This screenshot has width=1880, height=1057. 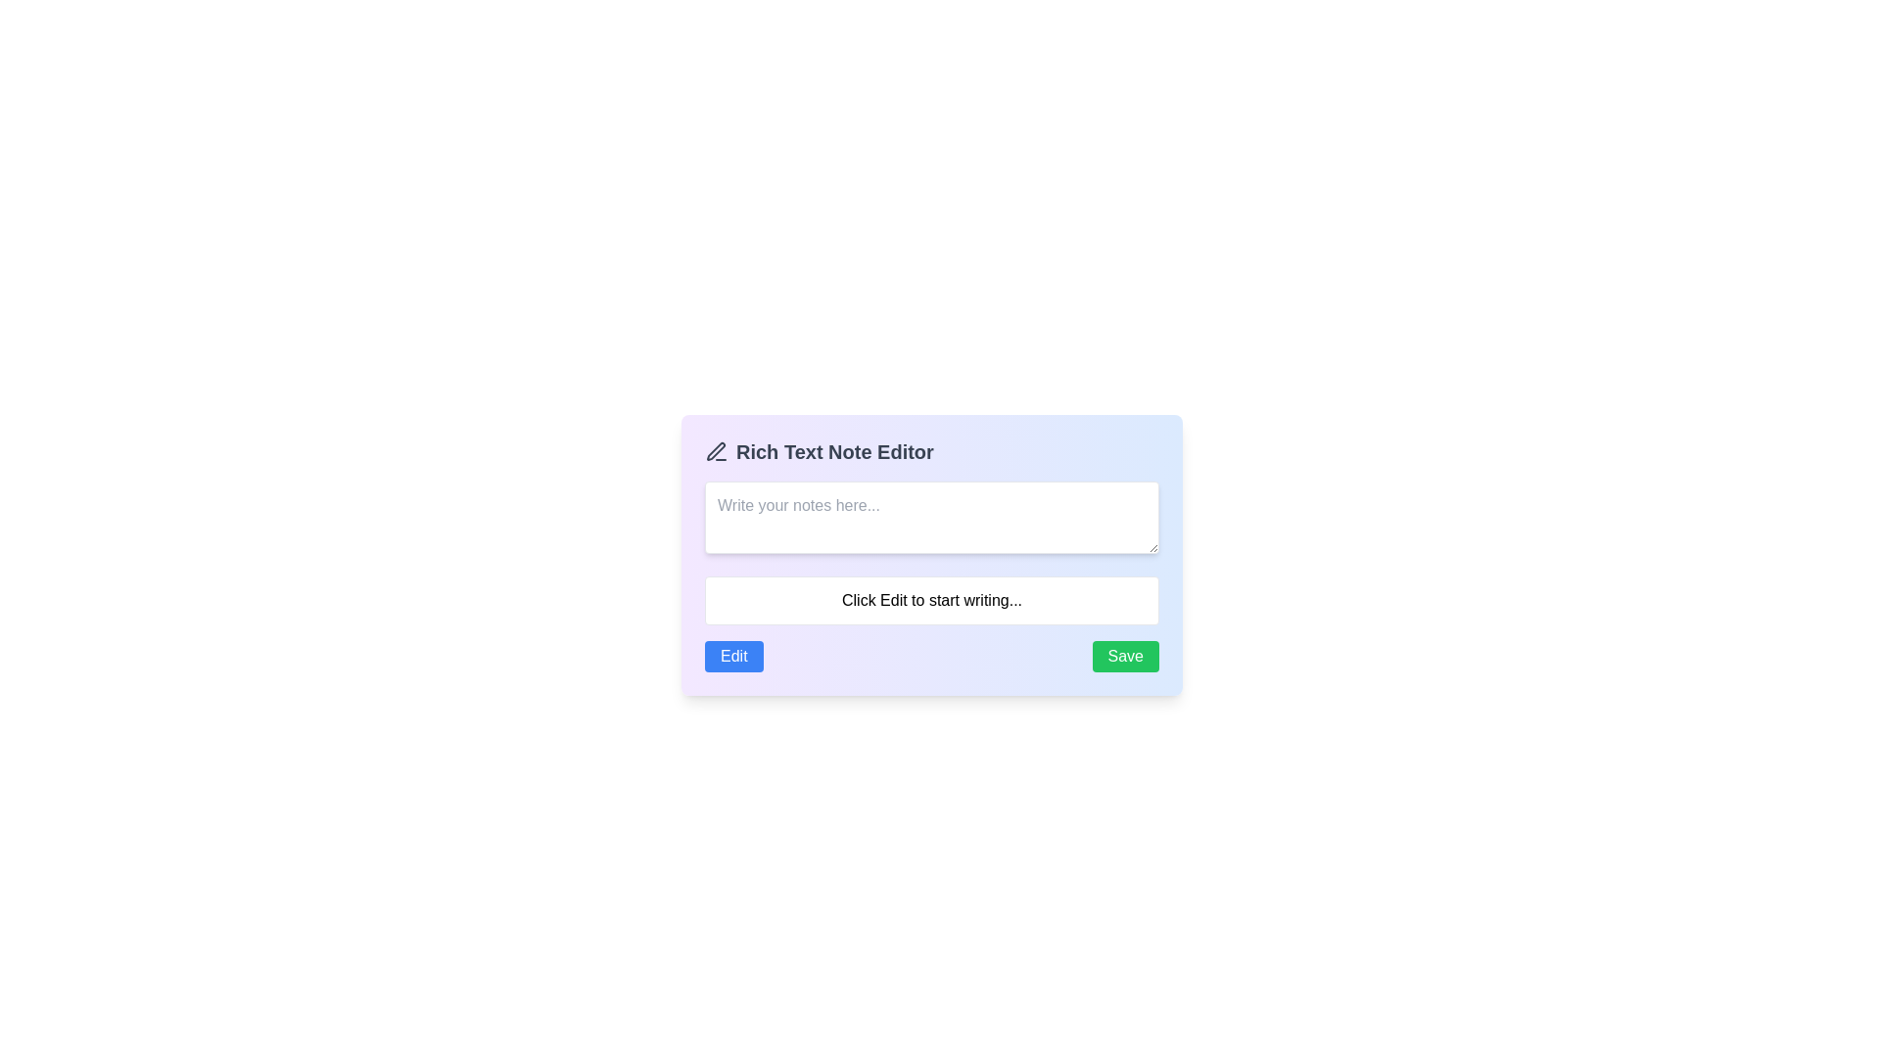 What do you see at coordinates (930, 516) in the screenshot?
I see `the text in the Text Input Field located in the 'Rich Text Note Editor' panel for copying or editing` at bounding box center [930, 516].